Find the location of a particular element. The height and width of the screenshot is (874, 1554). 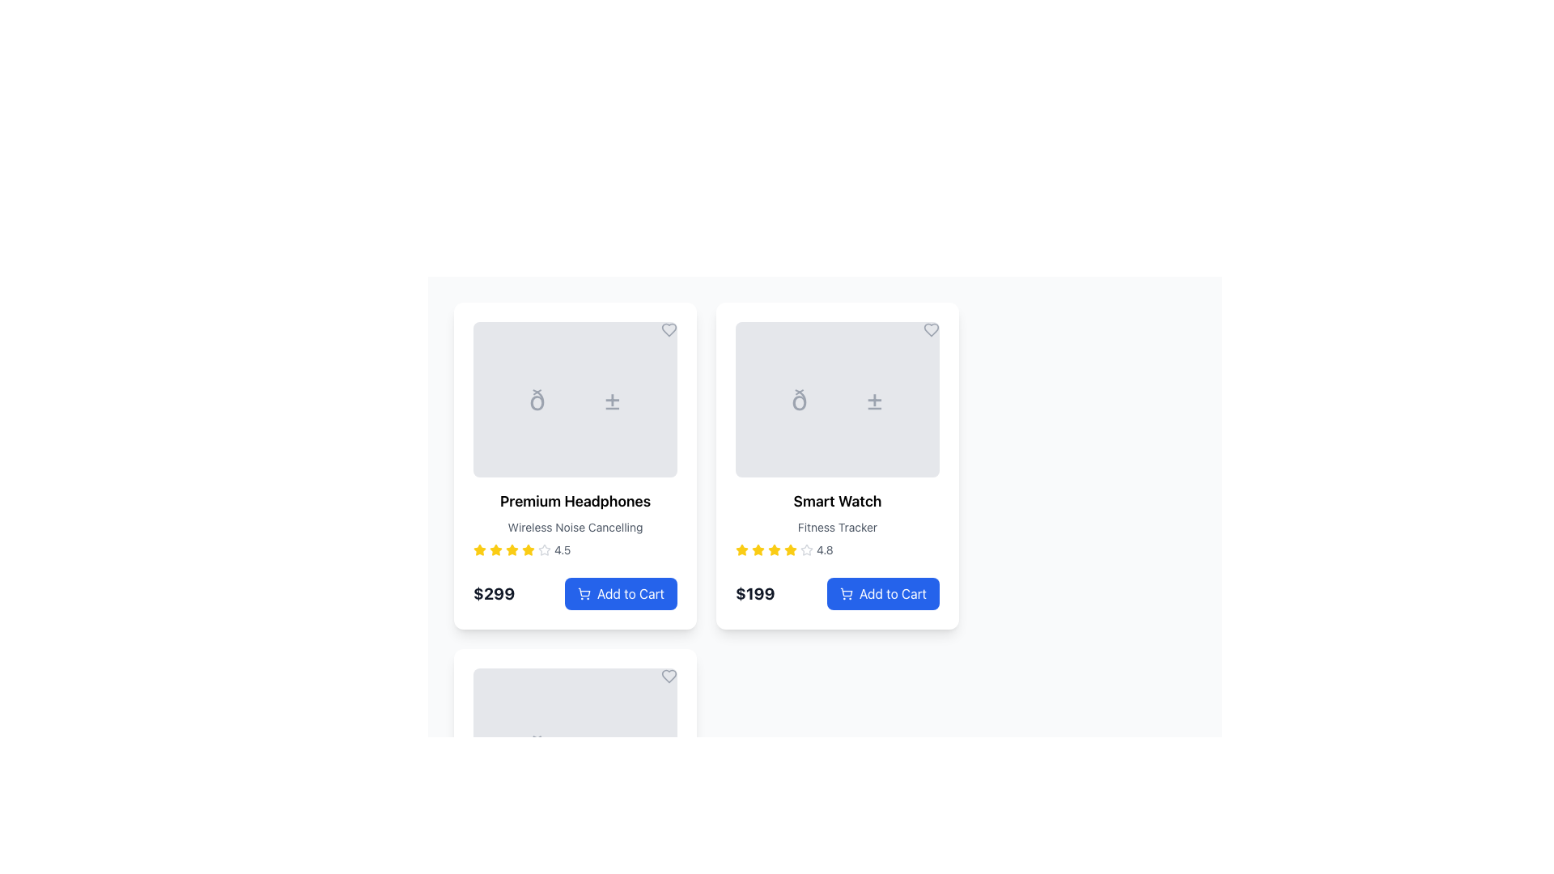

the third star icon in the rating section below the title 'Smart Watch' to interact with the rating is located at coordinates (773, 549).